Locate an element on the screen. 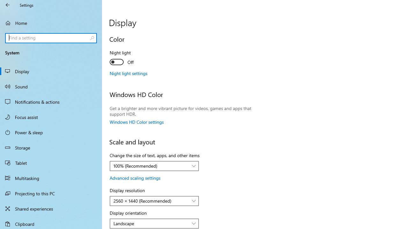 This screenshot has width=408, height=229. 'Change the size of text, apps, and other items' is located at coordinates (154, 166).